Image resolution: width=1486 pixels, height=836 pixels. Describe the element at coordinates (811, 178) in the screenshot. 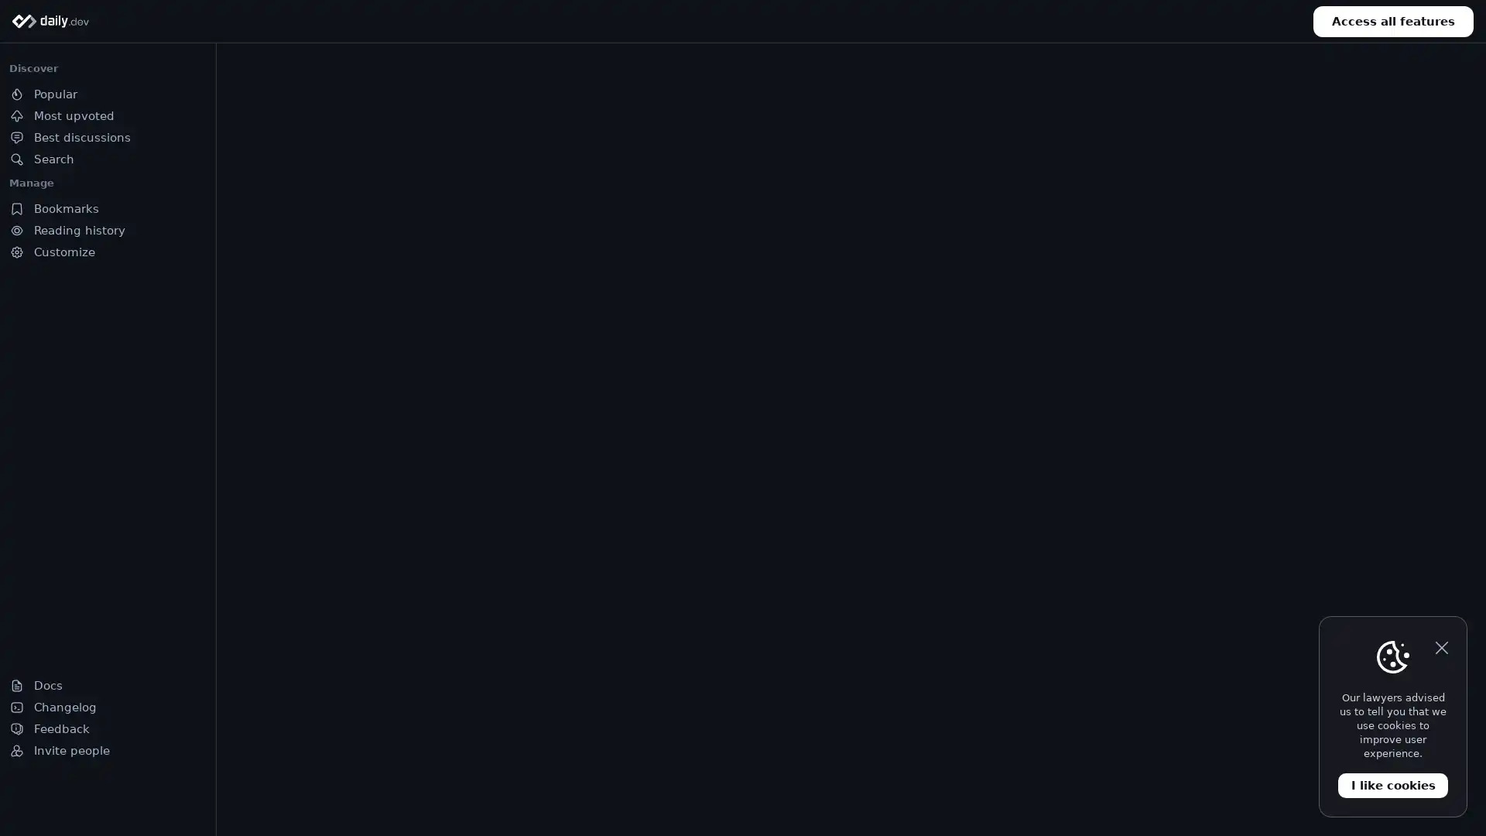

I see `Options` at that location.